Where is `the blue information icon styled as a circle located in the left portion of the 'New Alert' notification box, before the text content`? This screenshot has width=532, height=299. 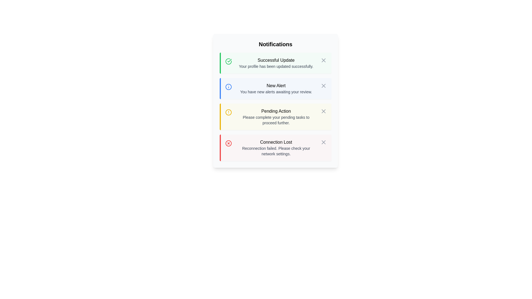 the blue information icon styled as a circle located in the left portion of the 'New Alert' notification box, before the text content is located at coordinates (229, 86).